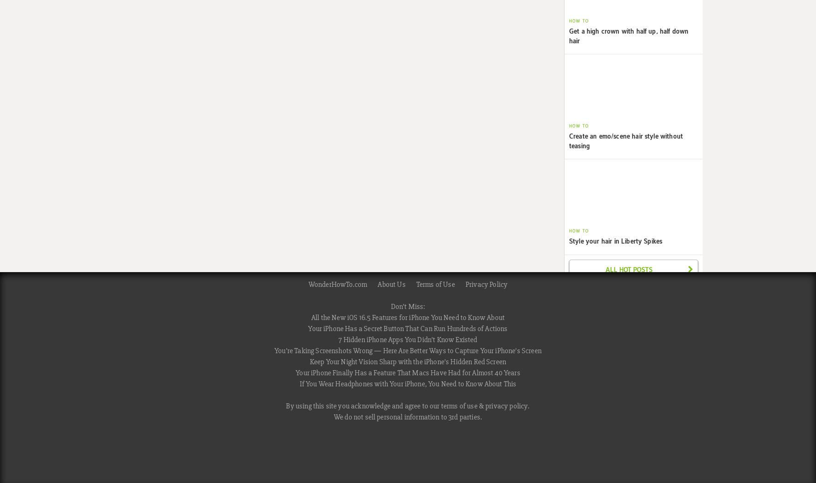 The width and height of the screenshot is (816, 483). Describe the element at coordinates (408, 328) in the screenshot. I see `'Your iPhone Has a Secret Button That Can Run Hundreds of Actions'` at that location.